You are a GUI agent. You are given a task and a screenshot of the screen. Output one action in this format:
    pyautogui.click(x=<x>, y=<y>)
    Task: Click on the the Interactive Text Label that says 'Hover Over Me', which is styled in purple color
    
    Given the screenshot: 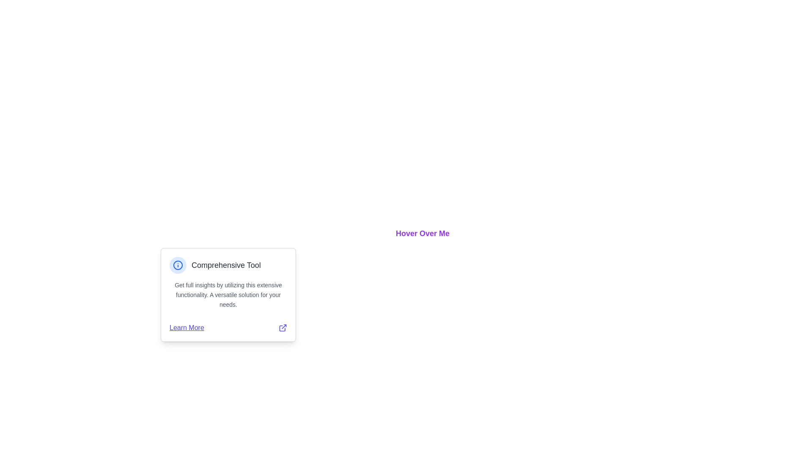 What is the action you would take?
    pyautogui.click(x=422, y=233)
    